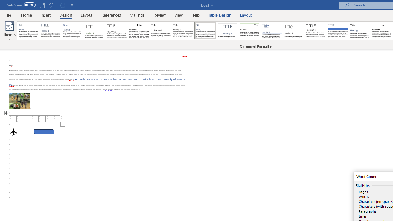 The image size is (393, 221). What do you see at coordinates (14, 131) in the screenshot?
I see `'Airplane with solid fill'` at bounding box center [14, 131].